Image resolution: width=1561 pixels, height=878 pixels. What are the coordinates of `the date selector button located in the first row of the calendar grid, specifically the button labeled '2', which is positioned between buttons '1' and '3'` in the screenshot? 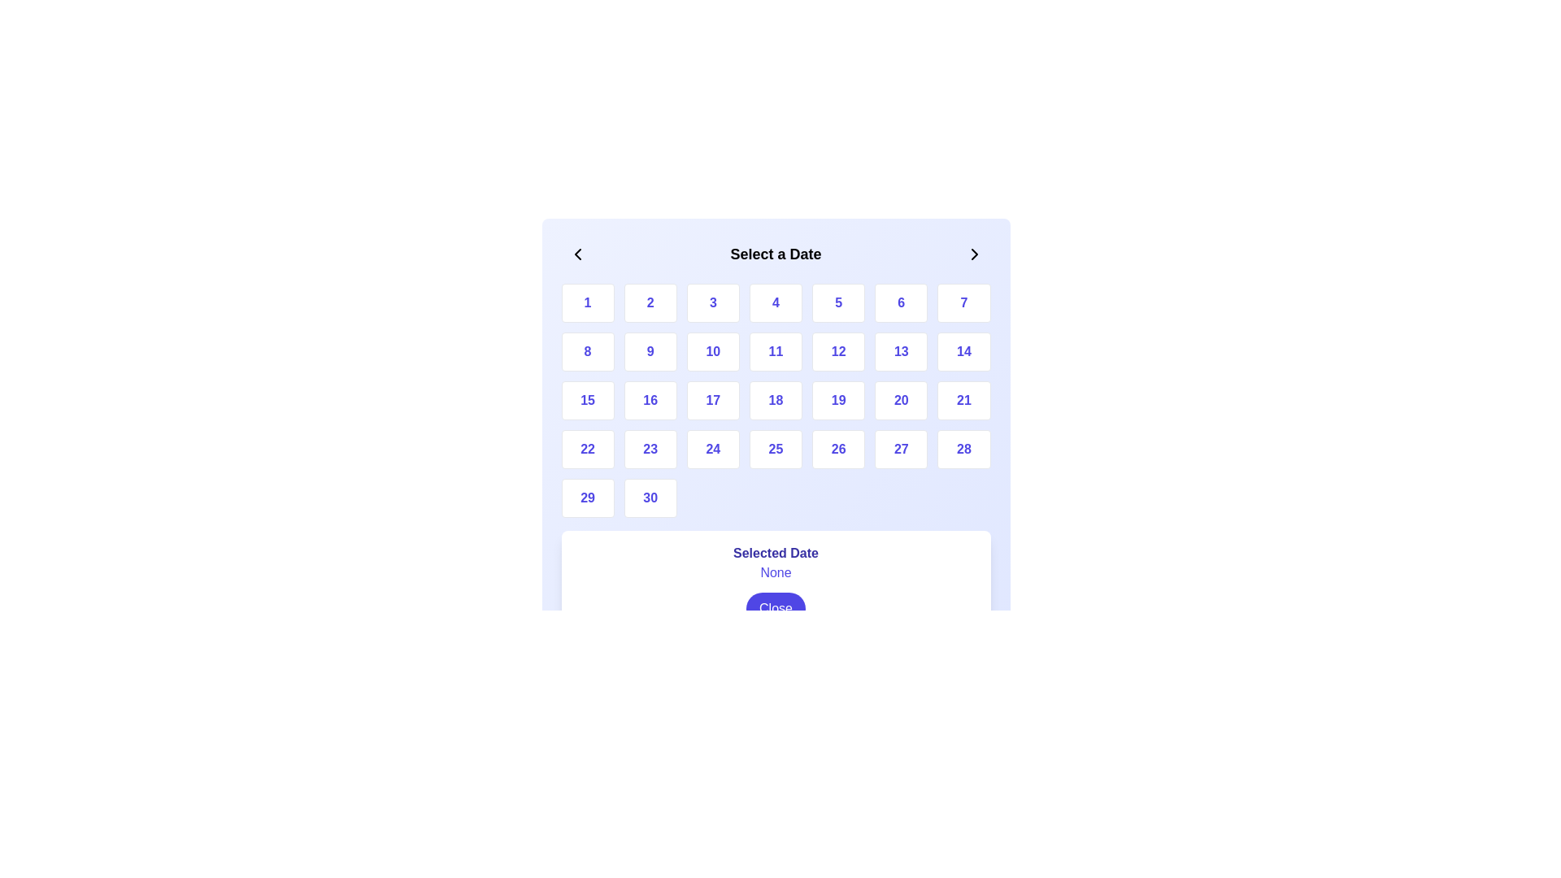 It's located at (650, 303).